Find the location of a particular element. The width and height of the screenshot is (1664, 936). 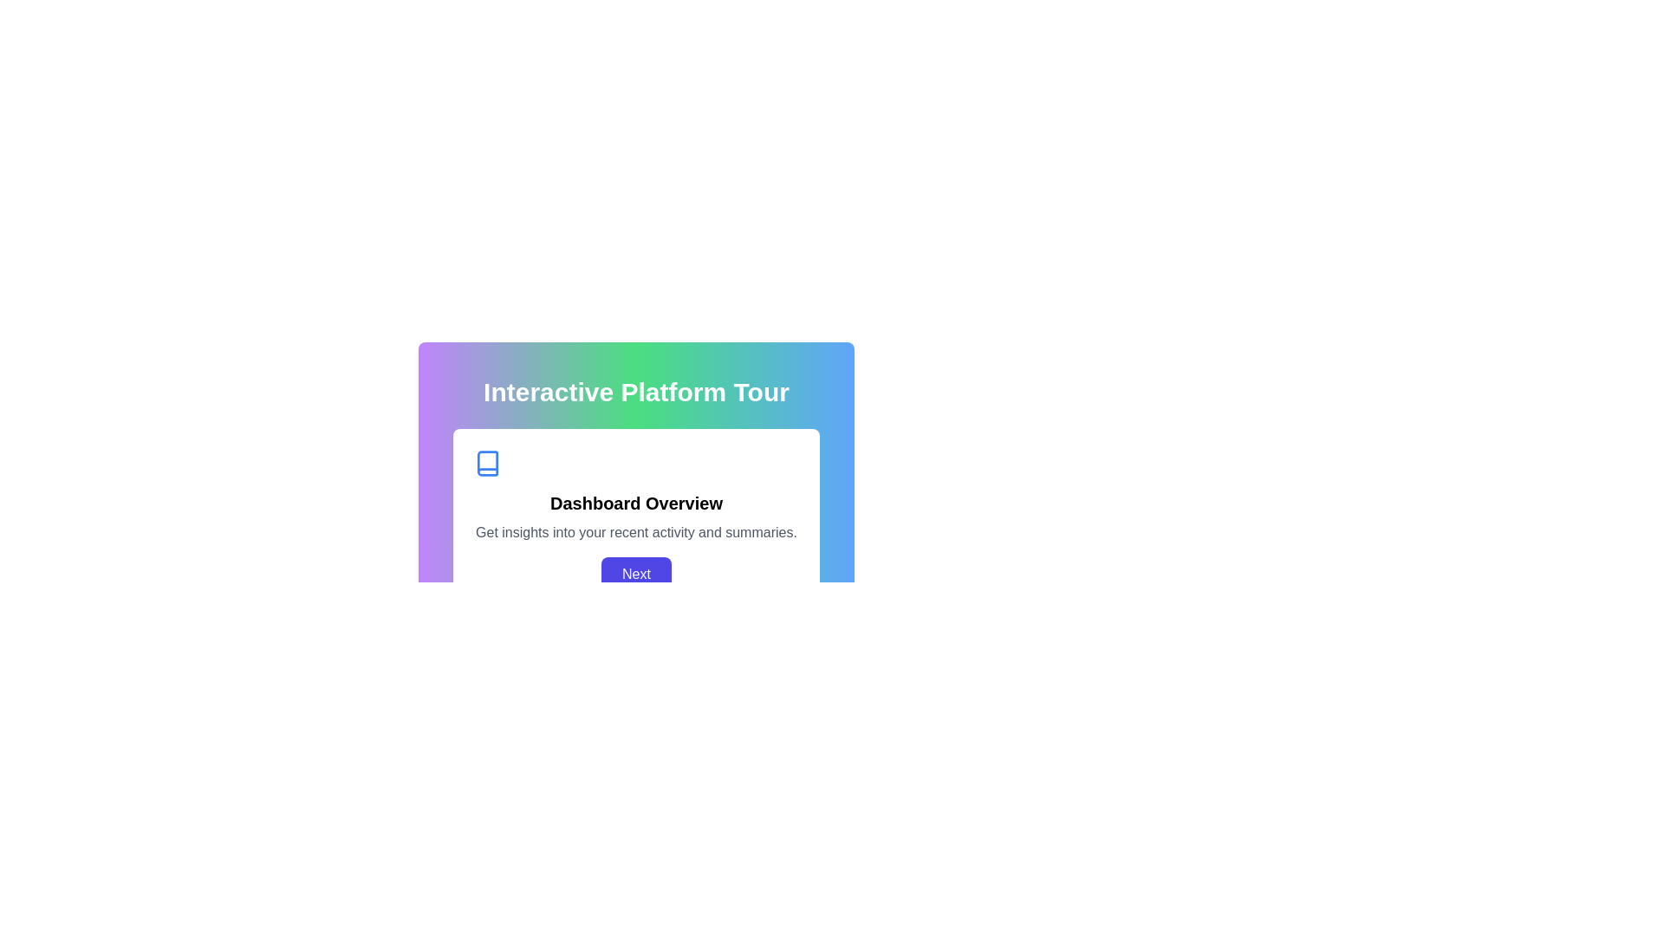

text content of the Text Header labeled 'Dashboard Overview', which is a larger and bold font, centrally positioned within a white rounded rectangular panel is located at coordinates (635, 504).